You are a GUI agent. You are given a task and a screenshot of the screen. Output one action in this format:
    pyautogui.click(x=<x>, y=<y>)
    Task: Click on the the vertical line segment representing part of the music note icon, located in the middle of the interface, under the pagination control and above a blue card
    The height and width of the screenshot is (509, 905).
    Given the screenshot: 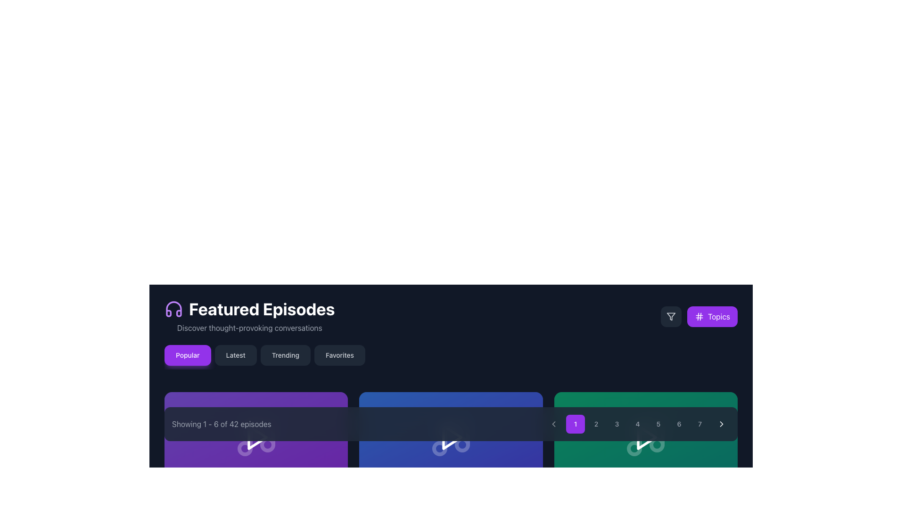 What is the action you would take?
    pyautogui.click(x=457, y=434)
    